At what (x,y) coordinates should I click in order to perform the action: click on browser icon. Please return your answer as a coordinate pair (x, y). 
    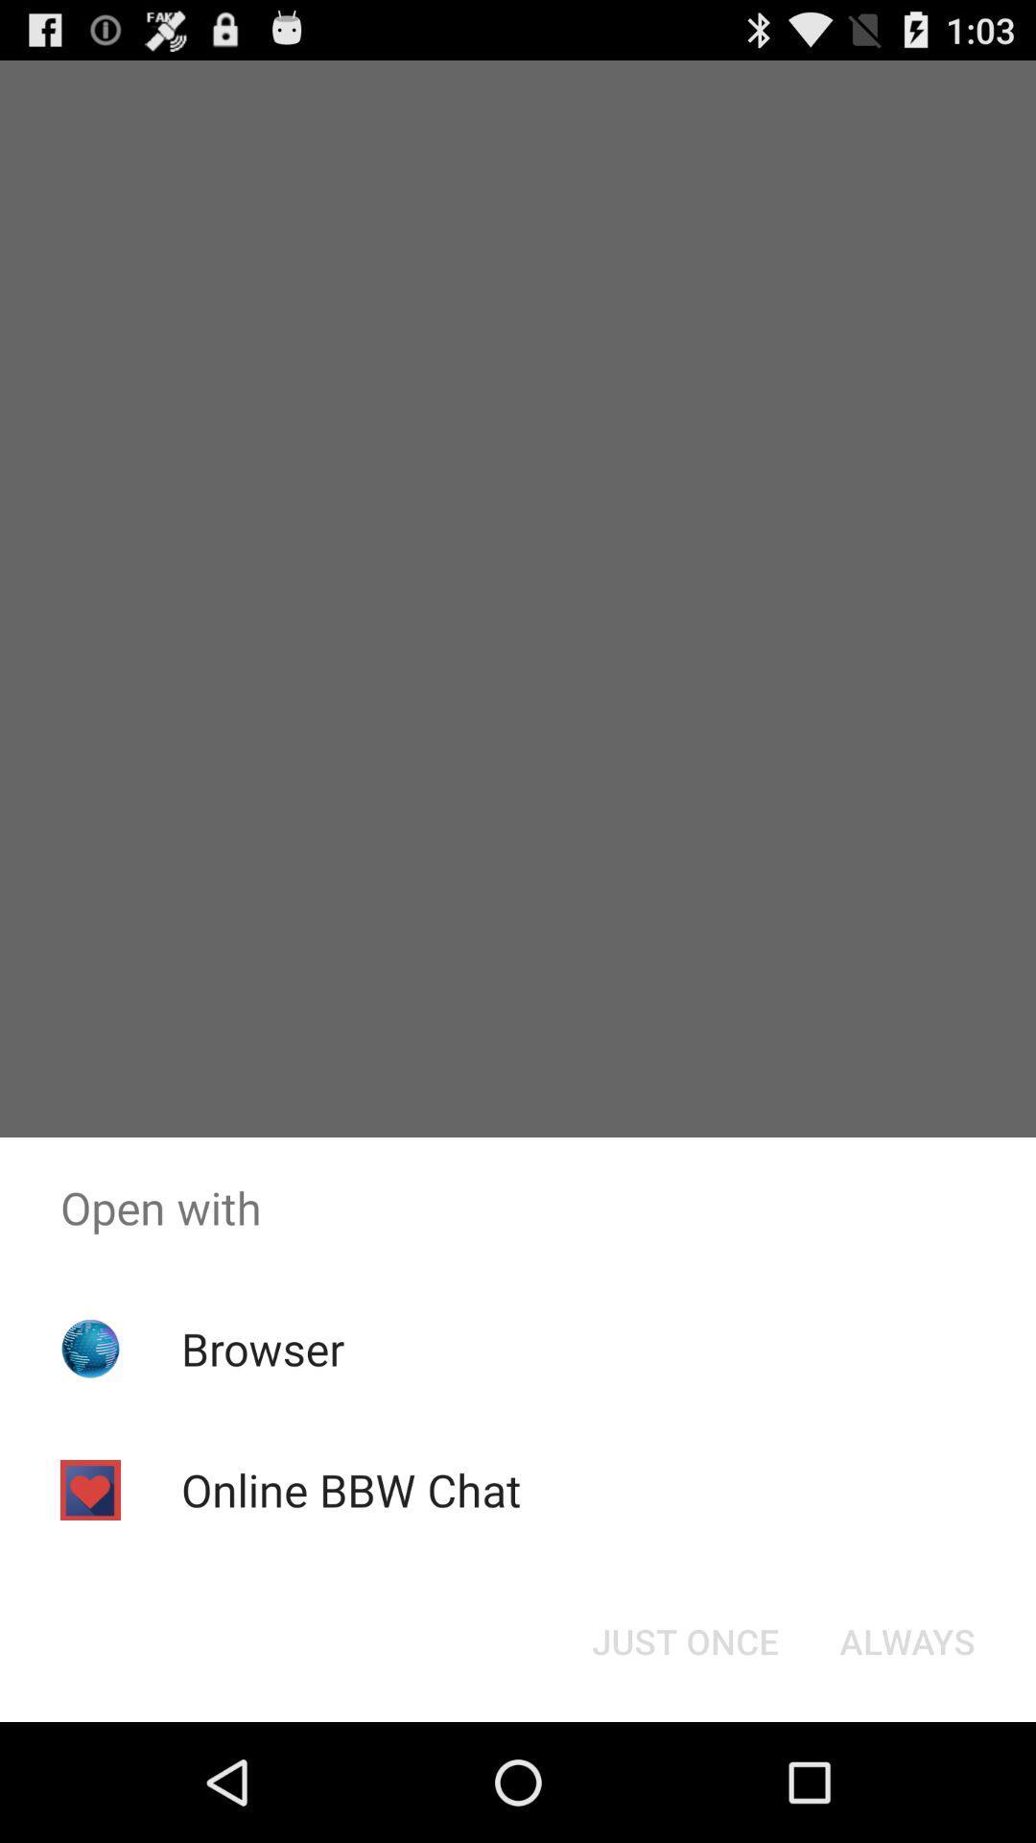
    Looking at the image, I should click on (263, 1348).